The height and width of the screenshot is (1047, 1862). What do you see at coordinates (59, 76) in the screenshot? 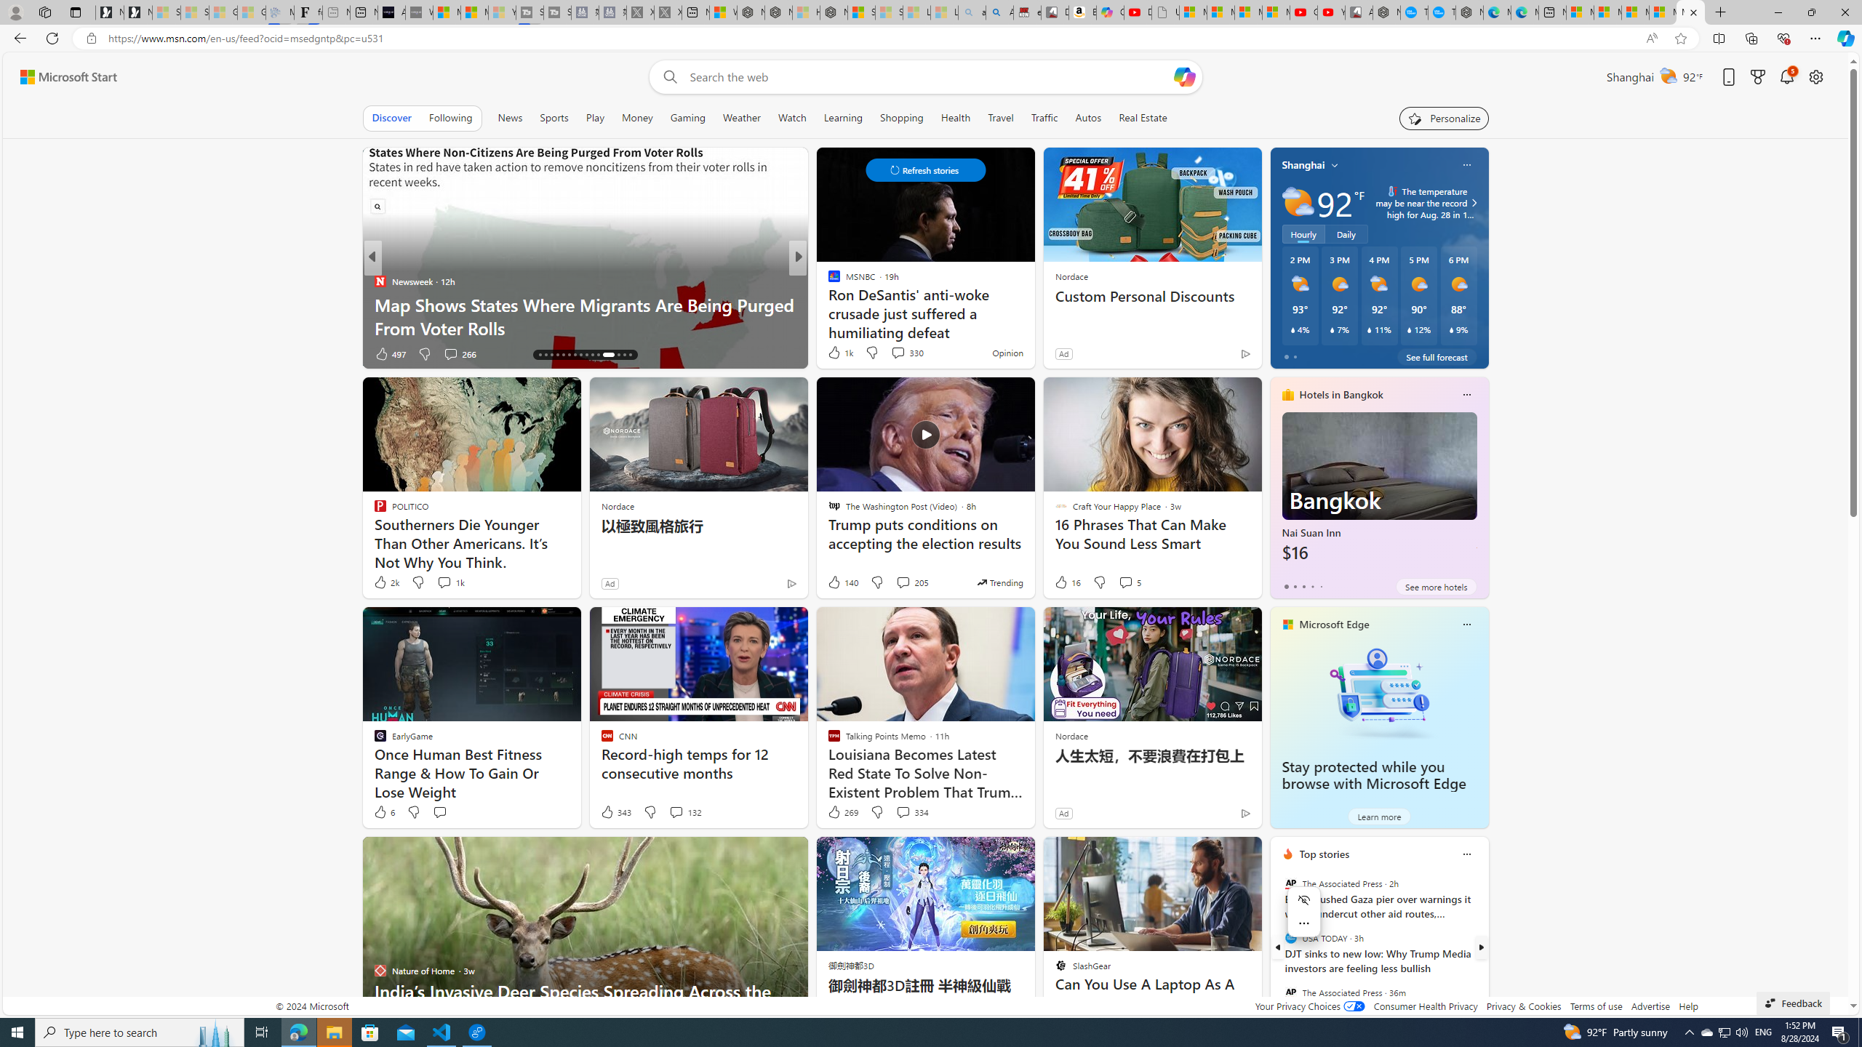
I see `'Skip to footer'` at bounding box center [59, 76].